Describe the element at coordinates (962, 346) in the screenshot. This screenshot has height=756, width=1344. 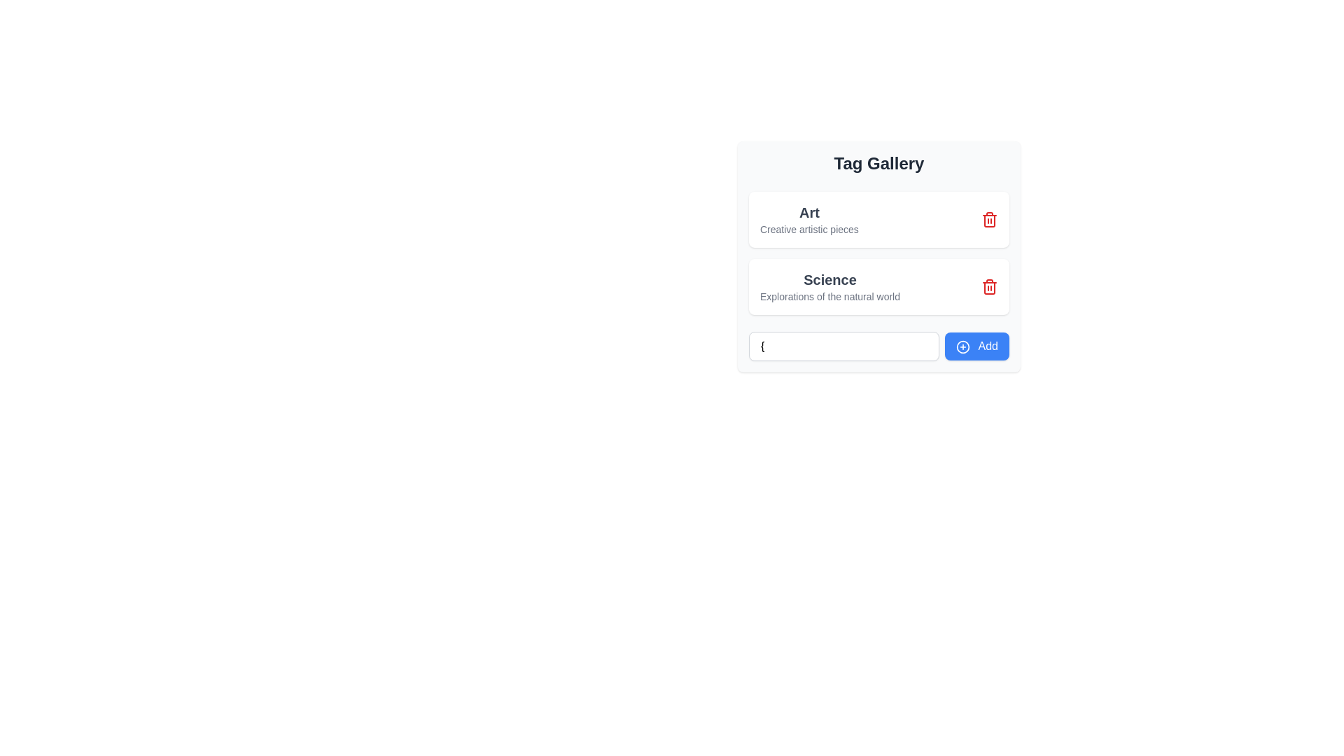
I see `the SVG Circle representing the 'Add' function, which is located towards the bottom-right of the layout next to the 'Add' button` at that location.